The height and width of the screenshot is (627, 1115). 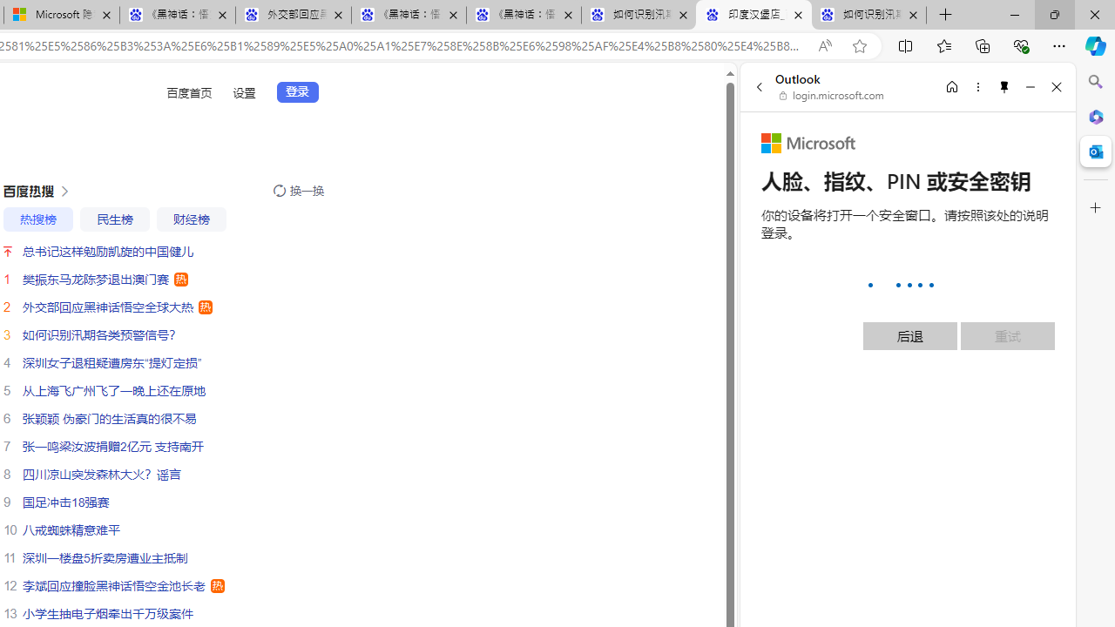 I want to click on 'login.microsoft.com', so click(x=831, y=96).